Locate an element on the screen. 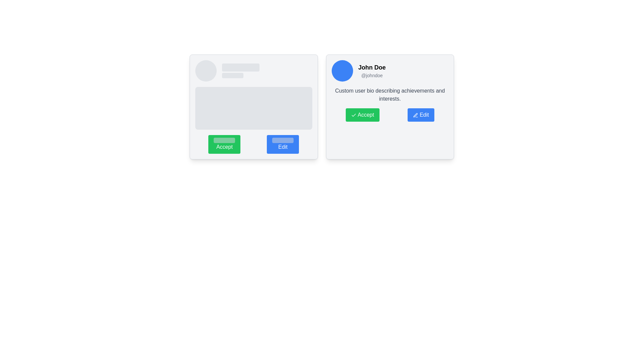  the Text Label element displaying 'John Doe' with '@johndoe' beneath it, located in the upper section of the right card, beside a circular avatar is located at coordinates (371, 71).